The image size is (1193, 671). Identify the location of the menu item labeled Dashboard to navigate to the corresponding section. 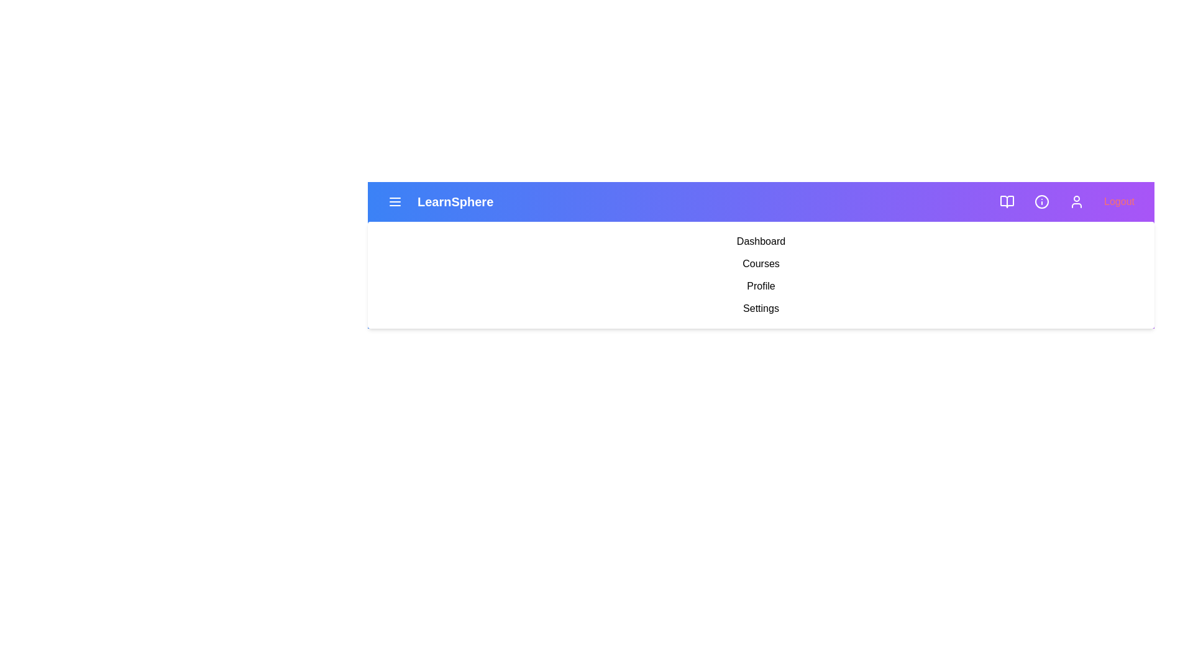
(760, 242).